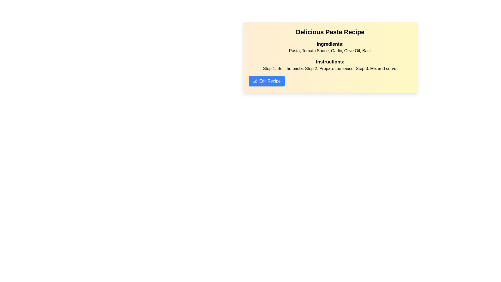 This screenshot has height=282, width=501. What do you see at coordinates (330, 61) in the screenshot?
I see `the text heading labeled 'Instructions:' which is prominently styled in bold and larger font, located on the recipe card between the 'Ingredients:' heading and the steps text` at bounding box center [330, 61].